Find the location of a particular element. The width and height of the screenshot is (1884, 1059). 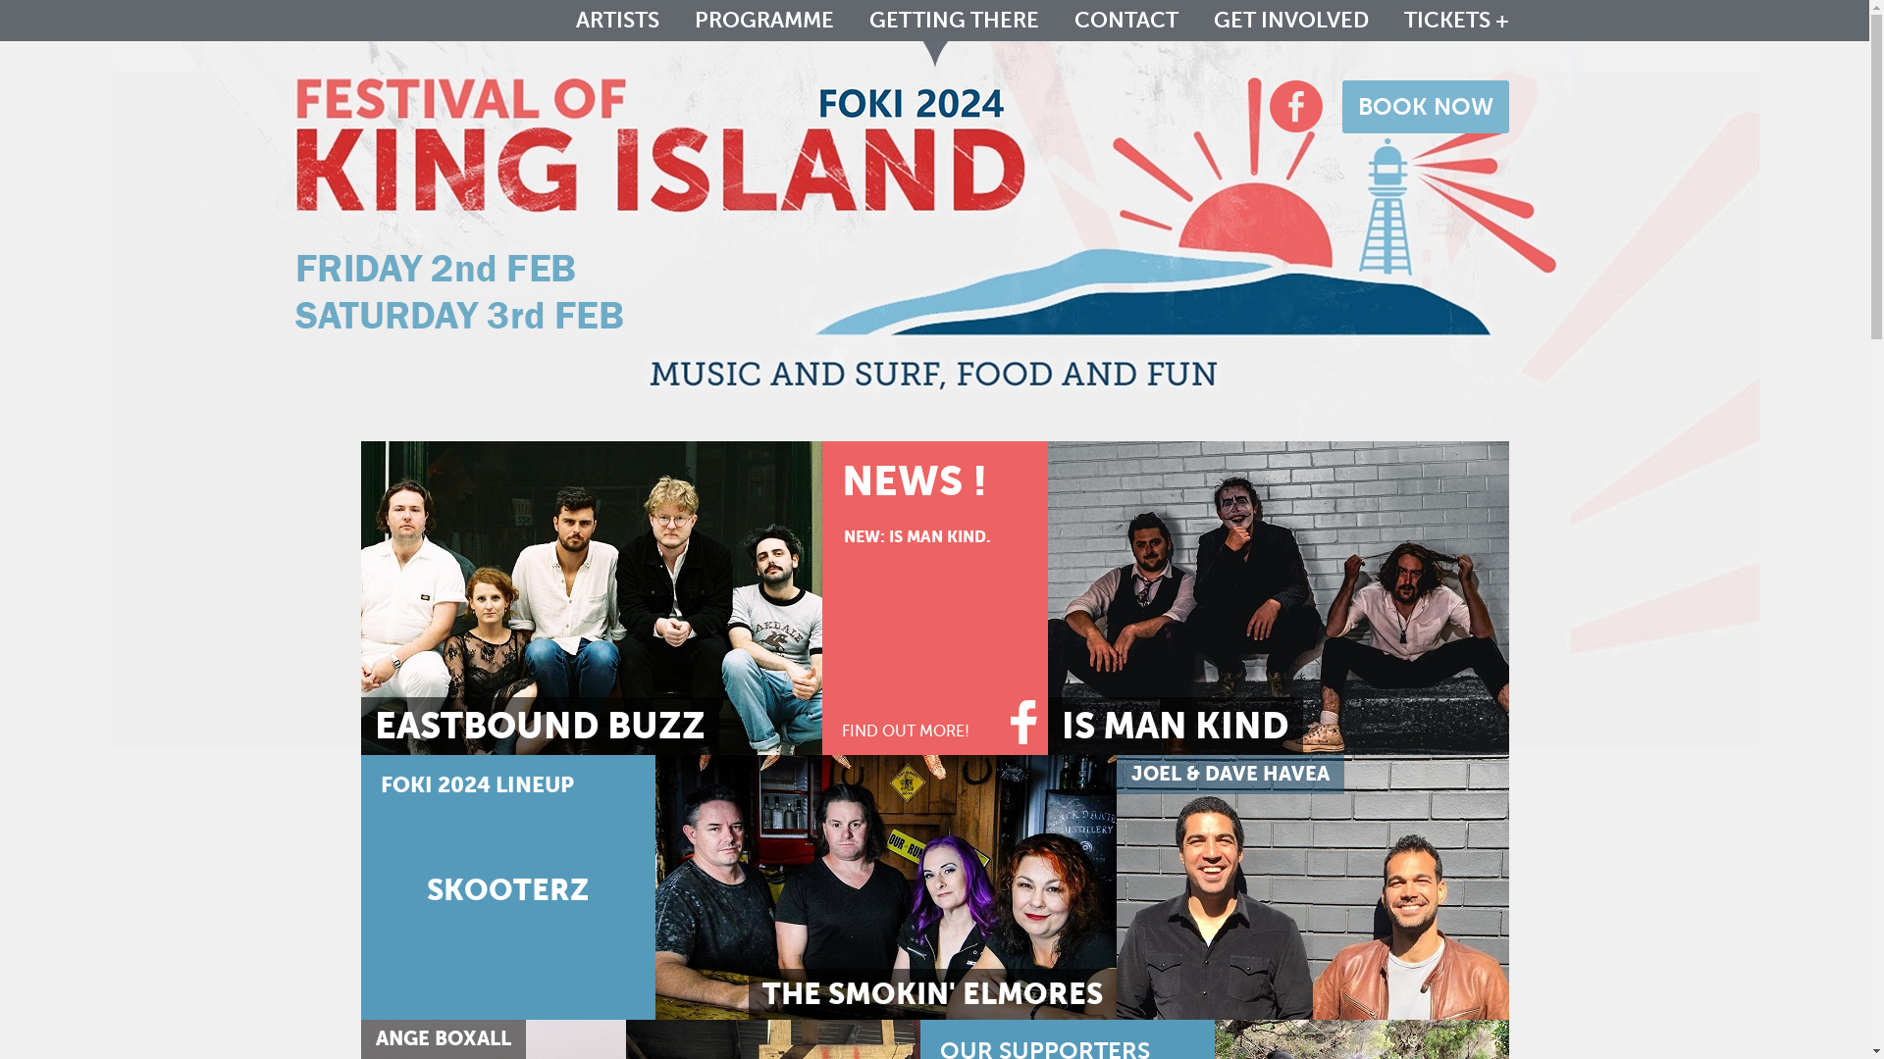

'GETTING THERE' is located at coordinates (954, 20).